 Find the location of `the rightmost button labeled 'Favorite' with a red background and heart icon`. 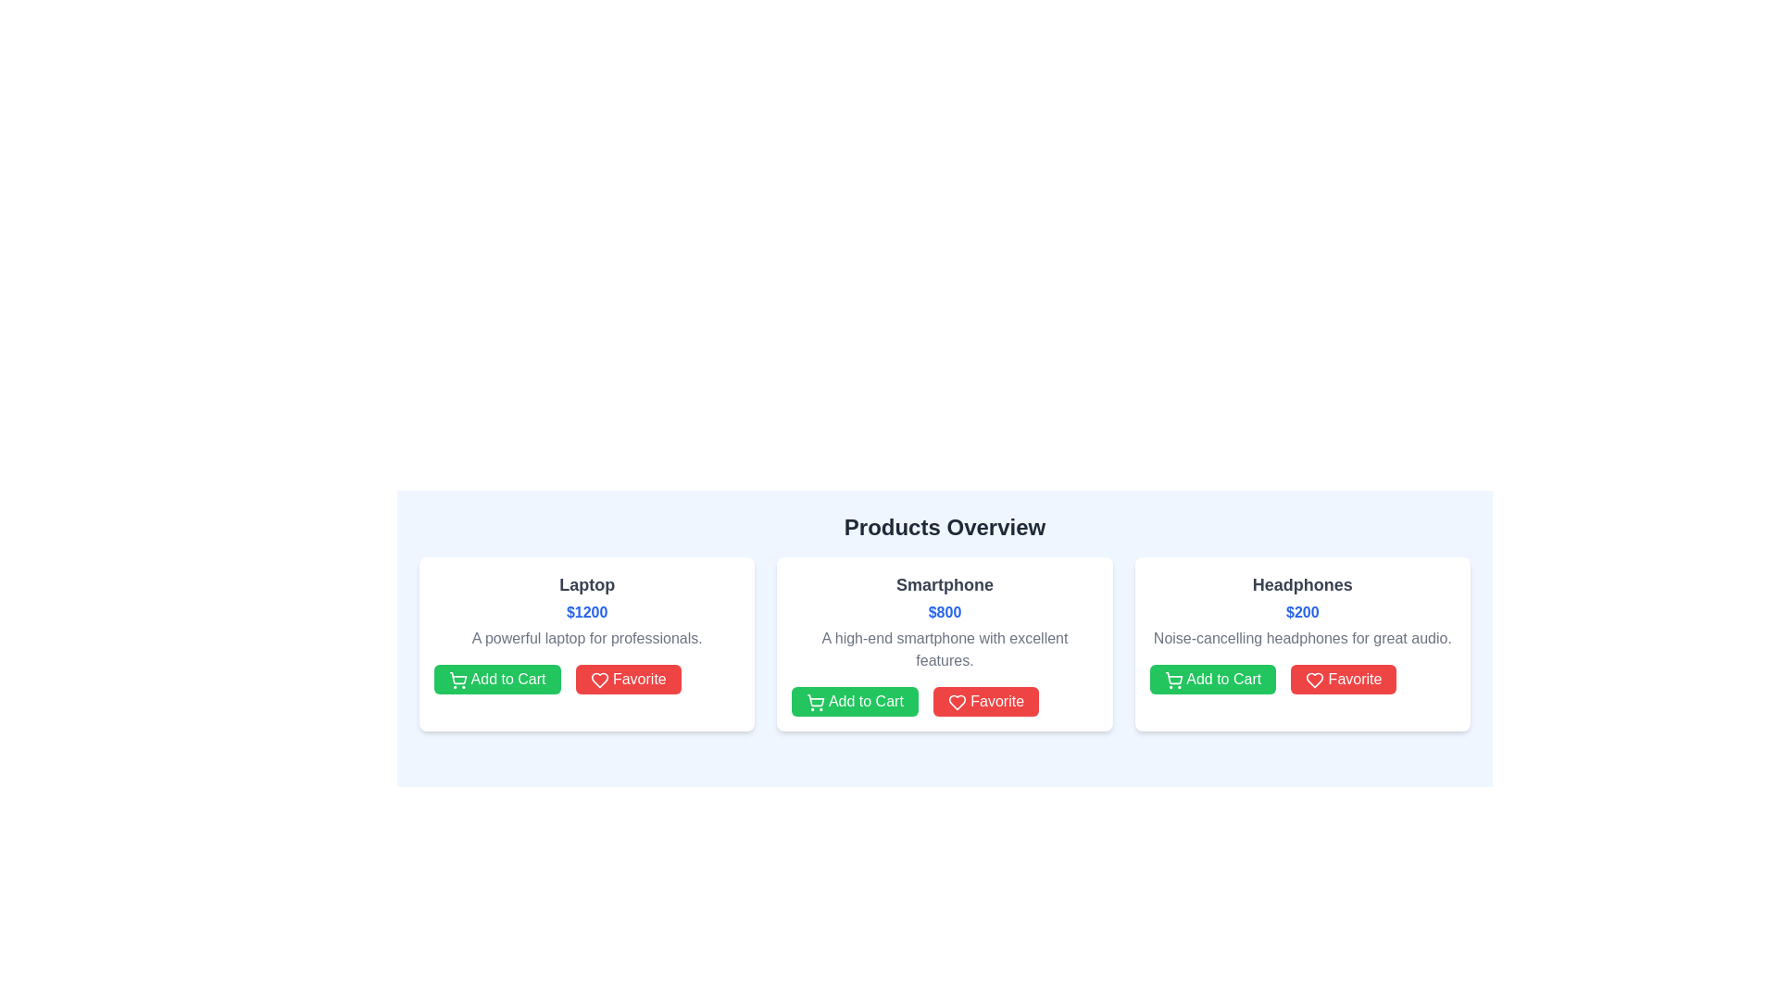

the rightmost button labeled 'Favorite' with a red background and heart icon is located at coordinates (1344, 679).